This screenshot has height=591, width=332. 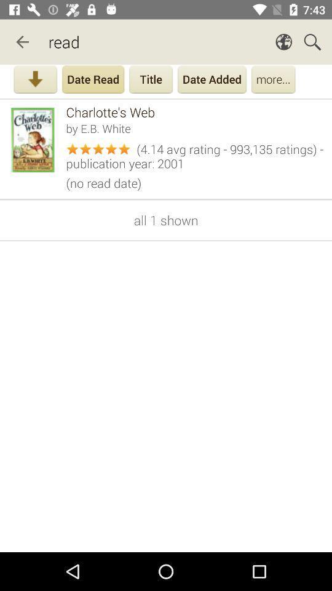 What do you see at coordinates (151, 80) in the screenshot?
I see `title` at bounding box center [151, 80].